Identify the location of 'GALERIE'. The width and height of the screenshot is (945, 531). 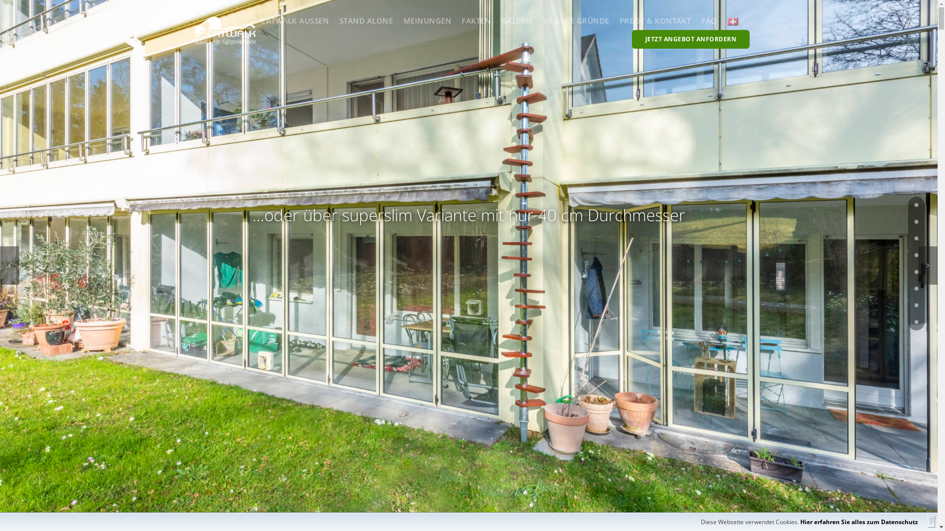
(517, 21).